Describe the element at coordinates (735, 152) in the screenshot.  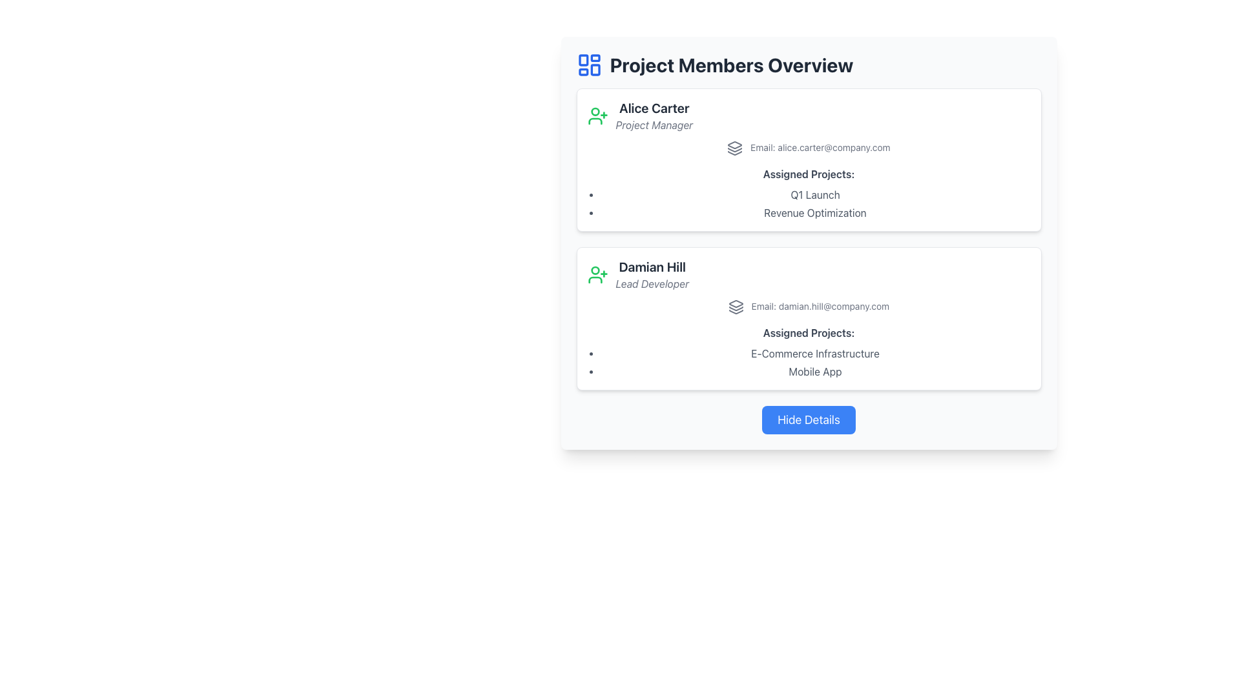
I see `the decorative vector graphic that represents the bottom portion of a three-layer stack icon, located to the left of the 'Project Members Overview' heading` at that location.